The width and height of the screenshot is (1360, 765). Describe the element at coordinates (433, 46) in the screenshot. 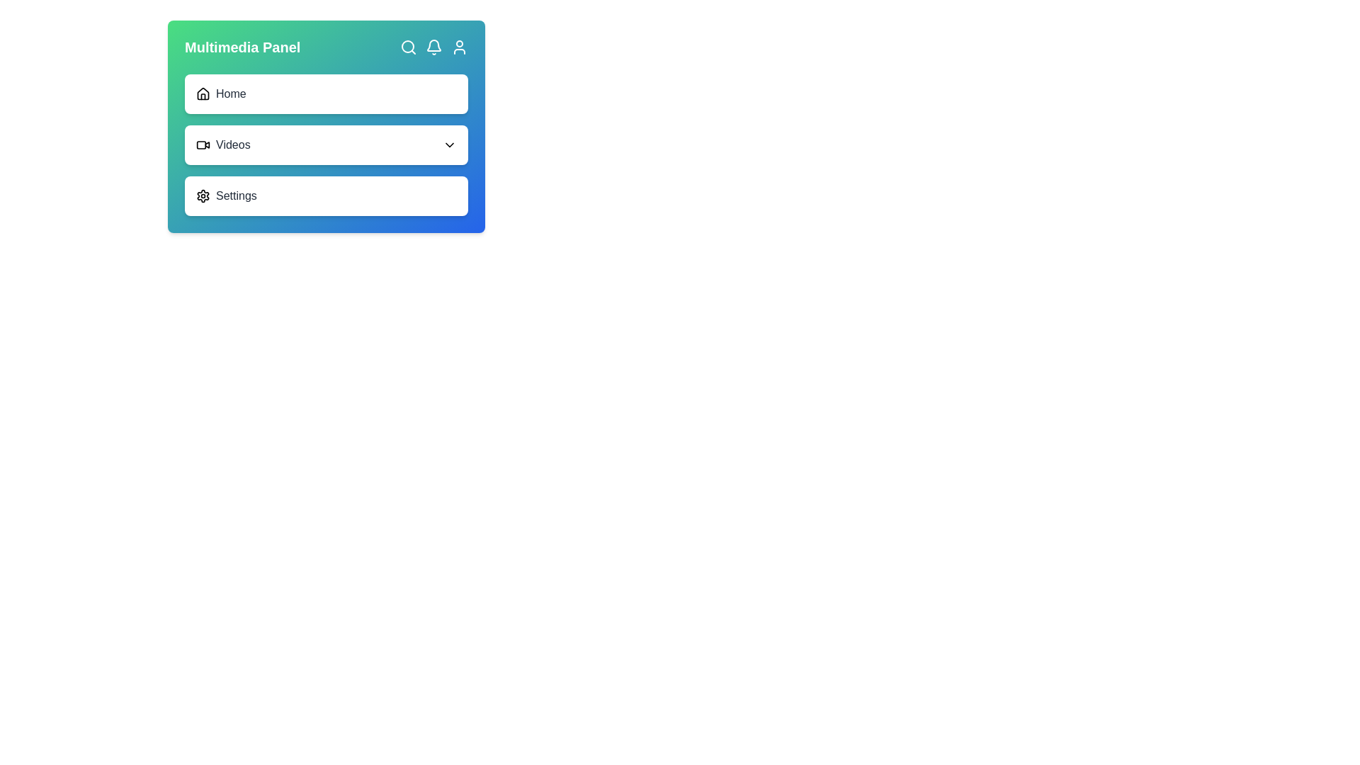

I see `the notification icon shaped like a bell, which is the second icon from the left in the Multimedia Panel` at that location.